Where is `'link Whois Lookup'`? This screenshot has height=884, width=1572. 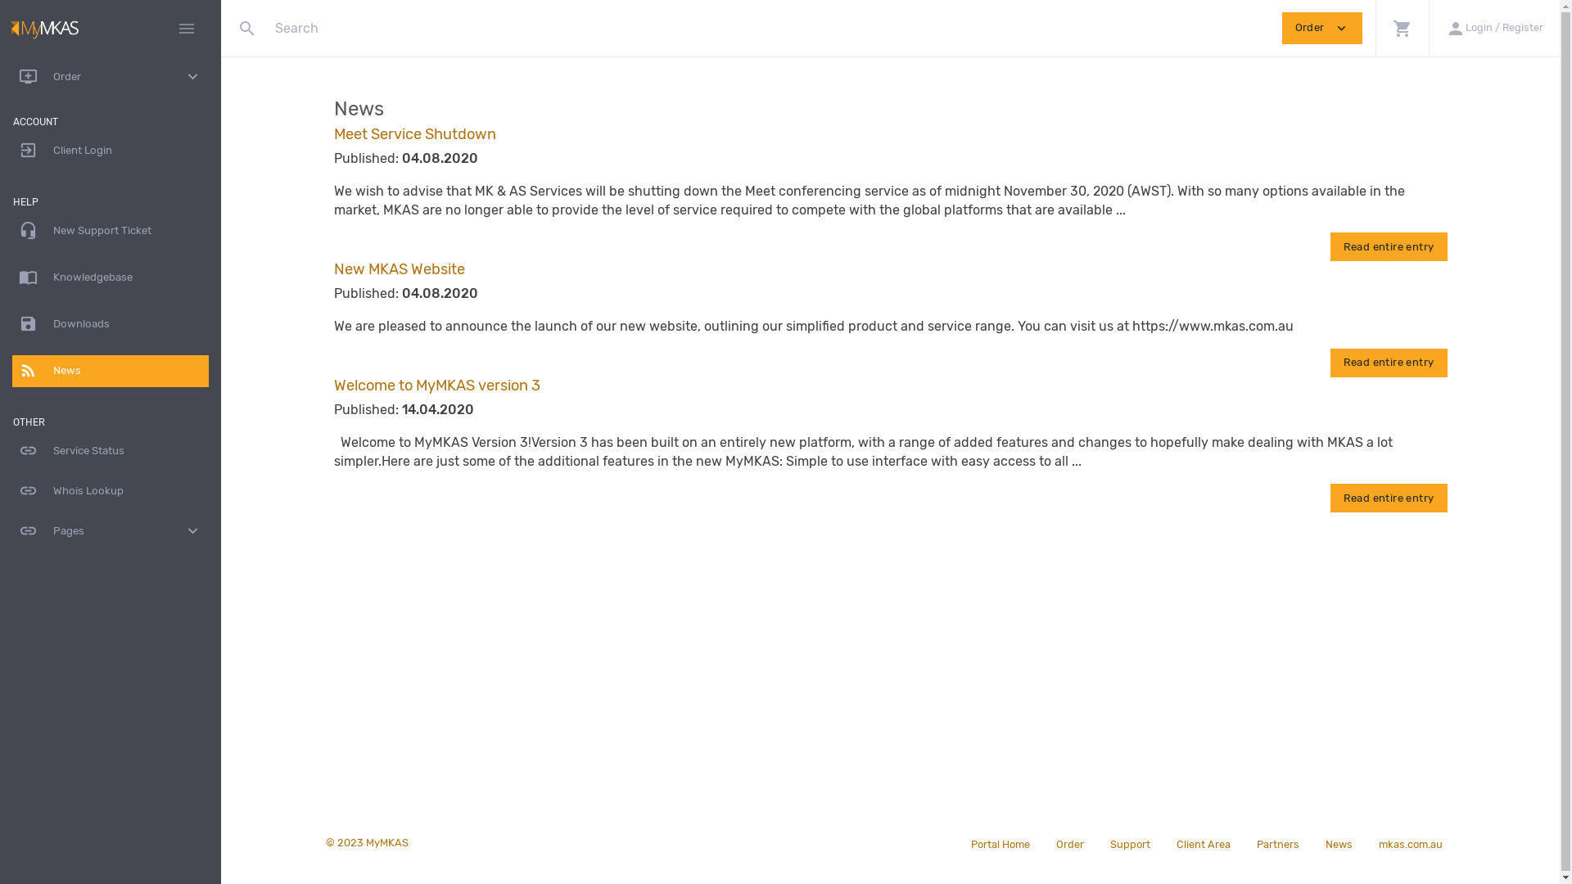
'link Whois Lookup' is located at coordinates (109, 490).